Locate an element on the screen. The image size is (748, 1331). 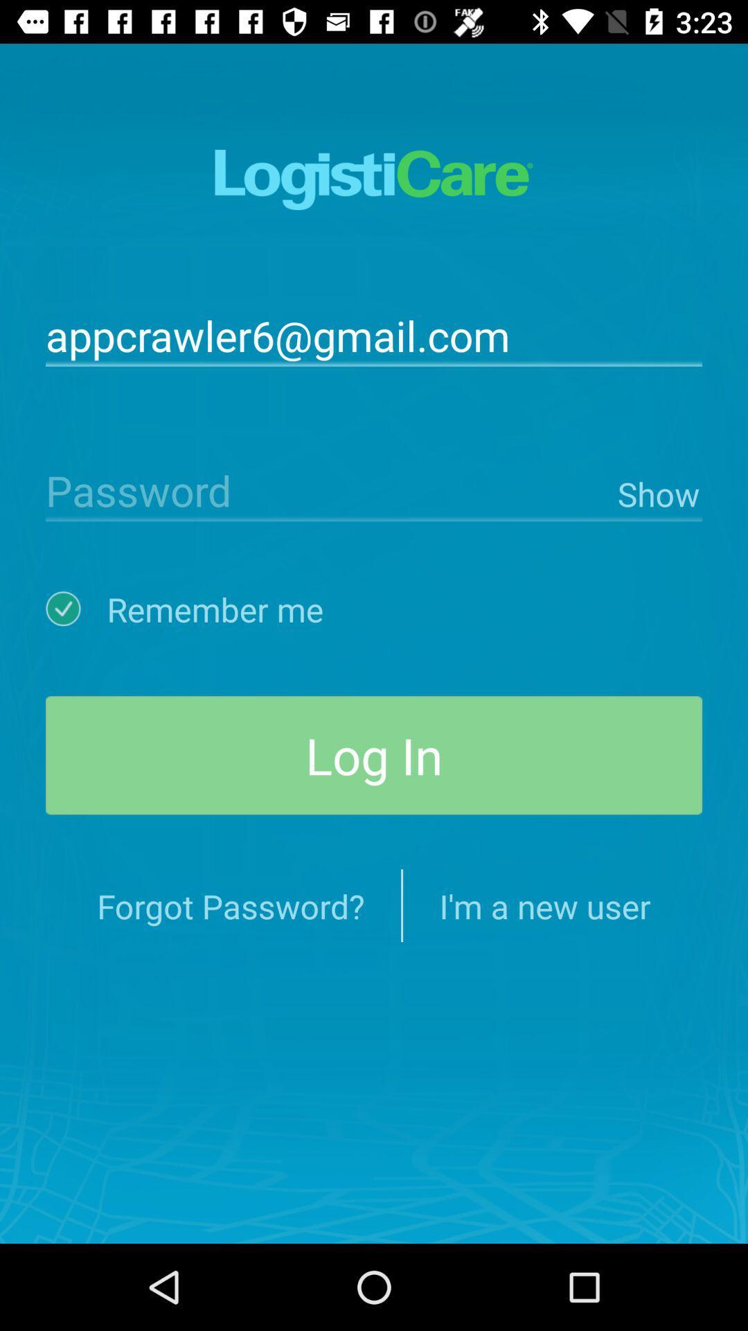
the forgot password? at the bottom left corner is located at coordinates (230, 905).